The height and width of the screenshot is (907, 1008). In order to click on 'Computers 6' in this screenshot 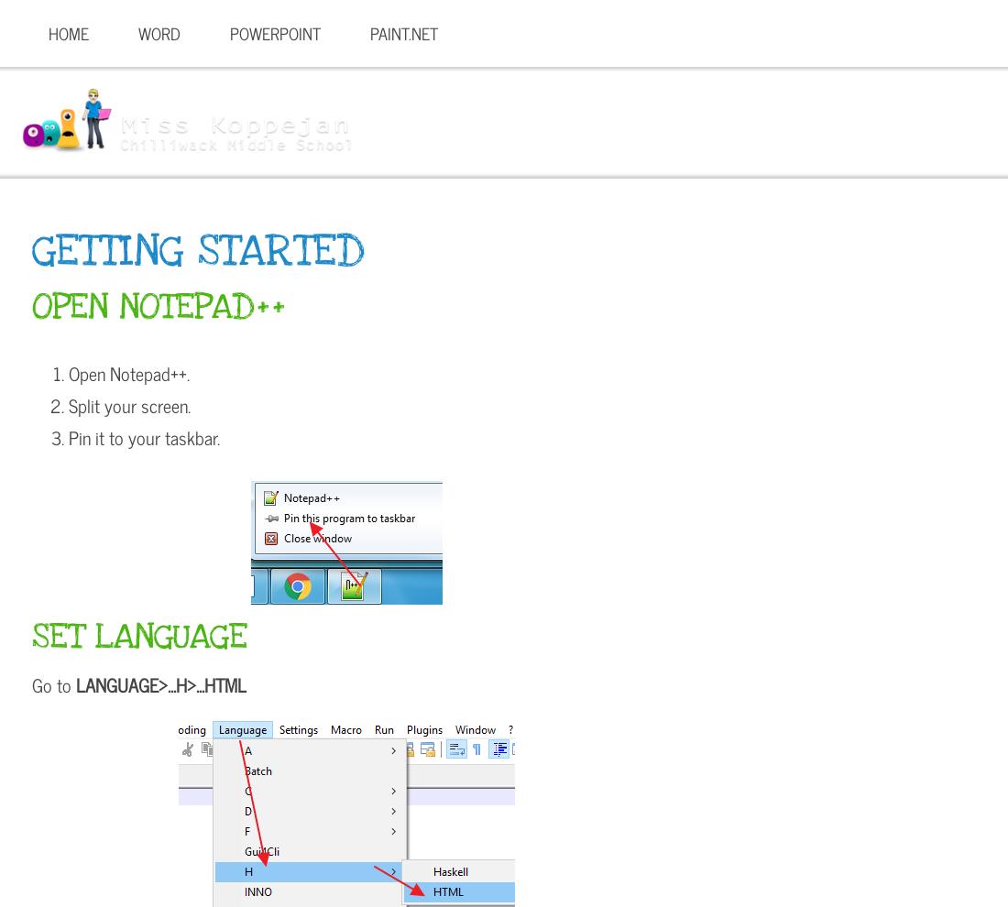, I will do `click(526, 116)`.